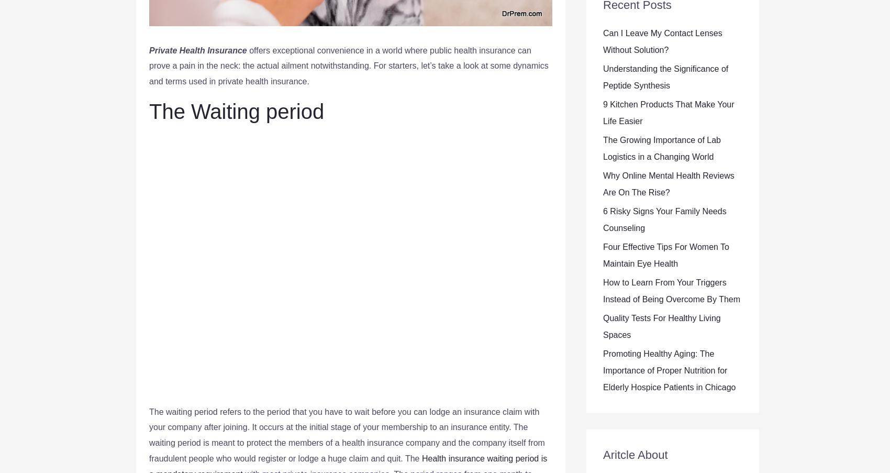 The width and height of the screenshot is (890, 473). I want to click on 'Can I Leave My Contact Lenses Without Solution?', so click(603, 41).